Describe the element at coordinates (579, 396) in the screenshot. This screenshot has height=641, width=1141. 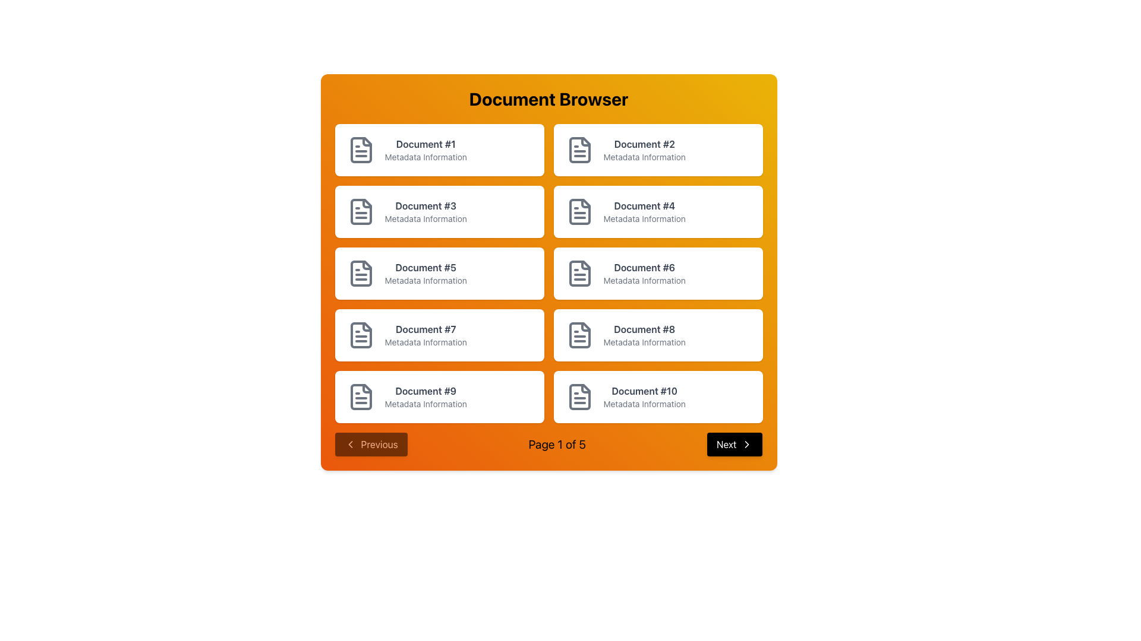
I see `the document file icon, which is gray and simplistic, located to the left of the text within the 'Document #10' card at the bottom right of the grid layout` at that location.